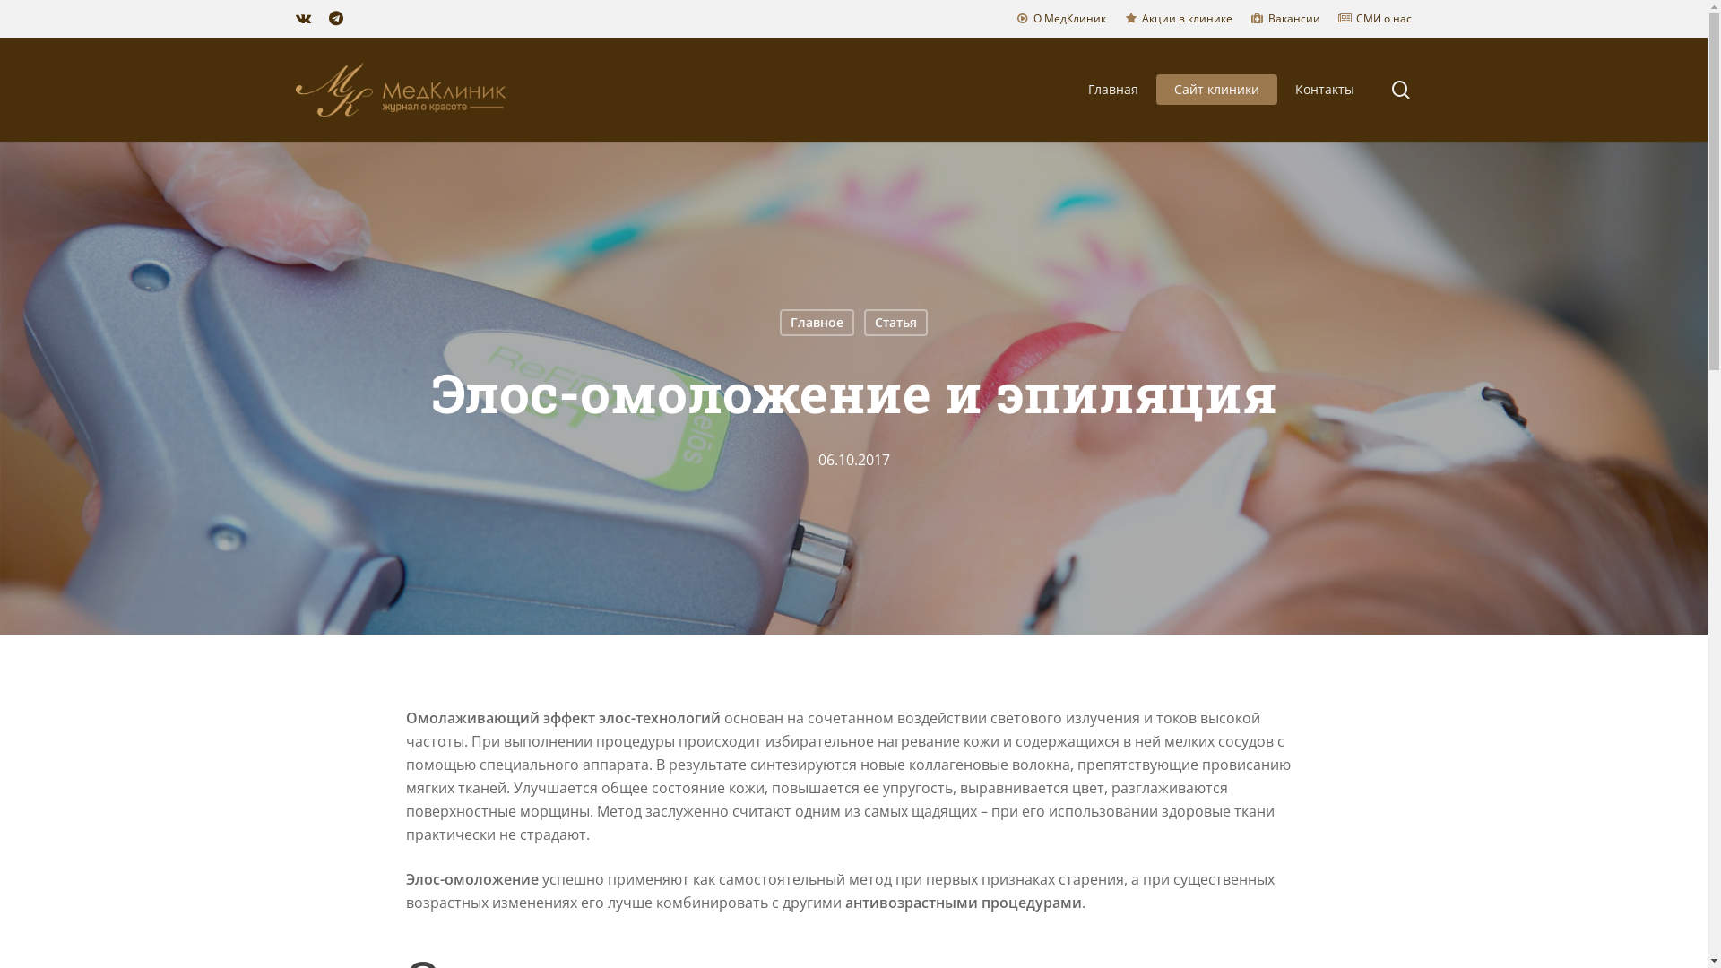 The image size is (1721, 968). I want to click on 'search', so click(1400, 90).